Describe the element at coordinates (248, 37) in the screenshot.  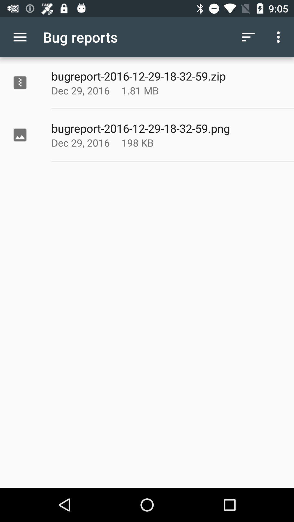
I see `the app next to the bug reports item` at that location.